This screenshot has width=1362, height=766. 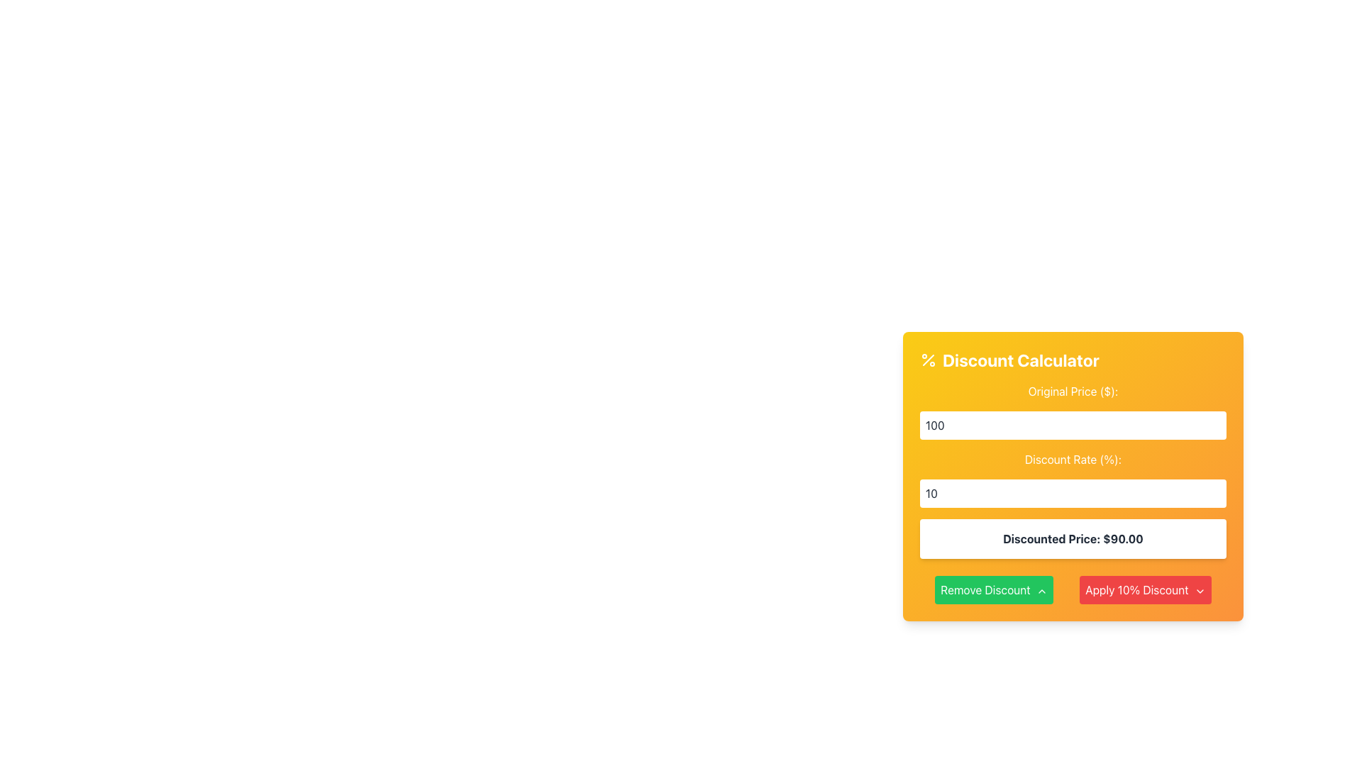 I want to click on the text label displaying the calculated discounted price located above the 'Remove Discount' and 'Apply 10% Discount' buttons, so click(x=1073, y=538).